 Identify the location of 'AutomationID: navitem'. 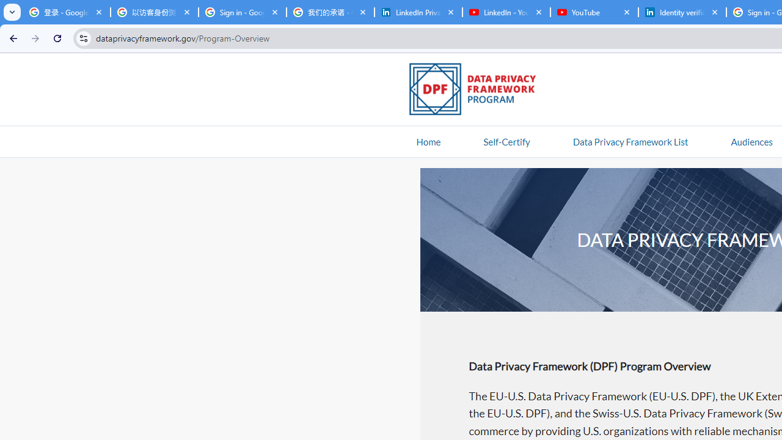
(751, 141).